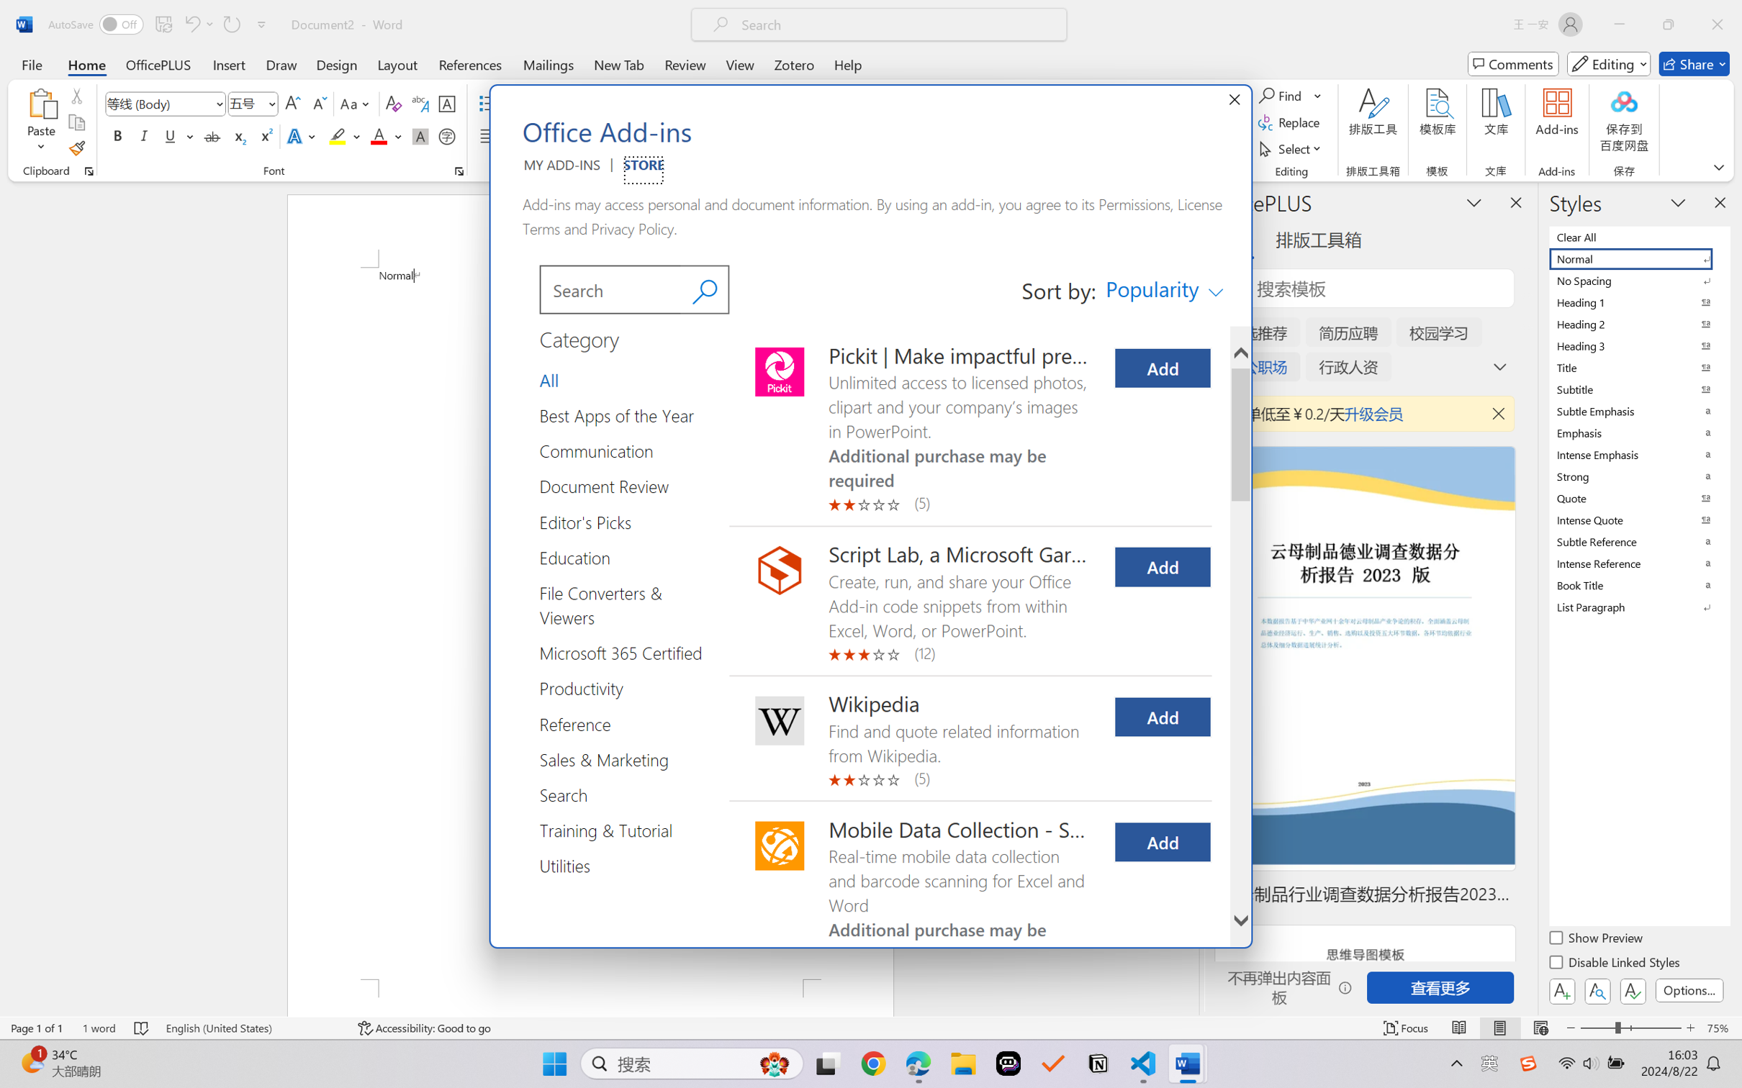  Describe the element at coordinates (618, 63) in the screenshot. I see `'New Tab'` at that location.